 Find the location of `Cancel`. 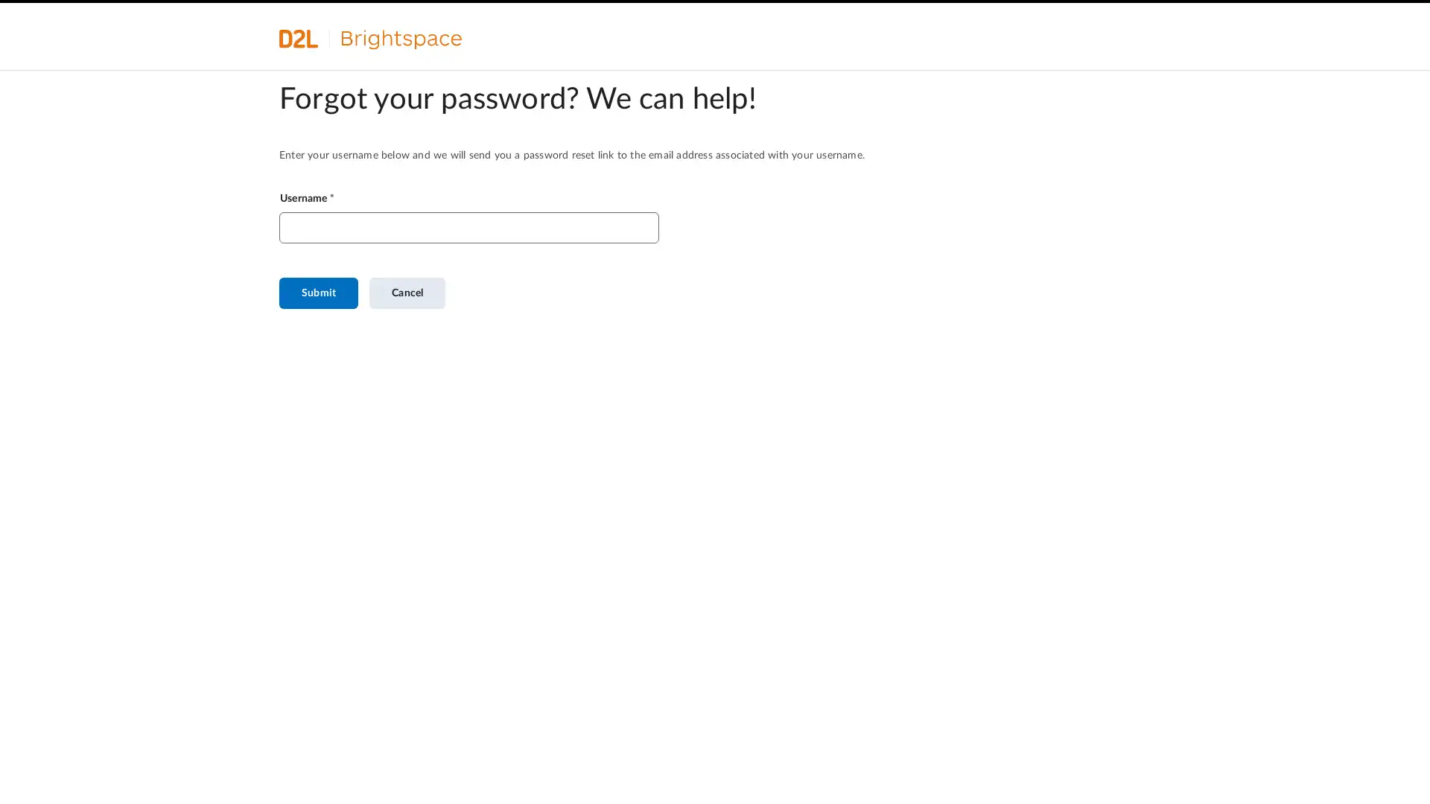

Cancel is located at coordinates (407, 293).